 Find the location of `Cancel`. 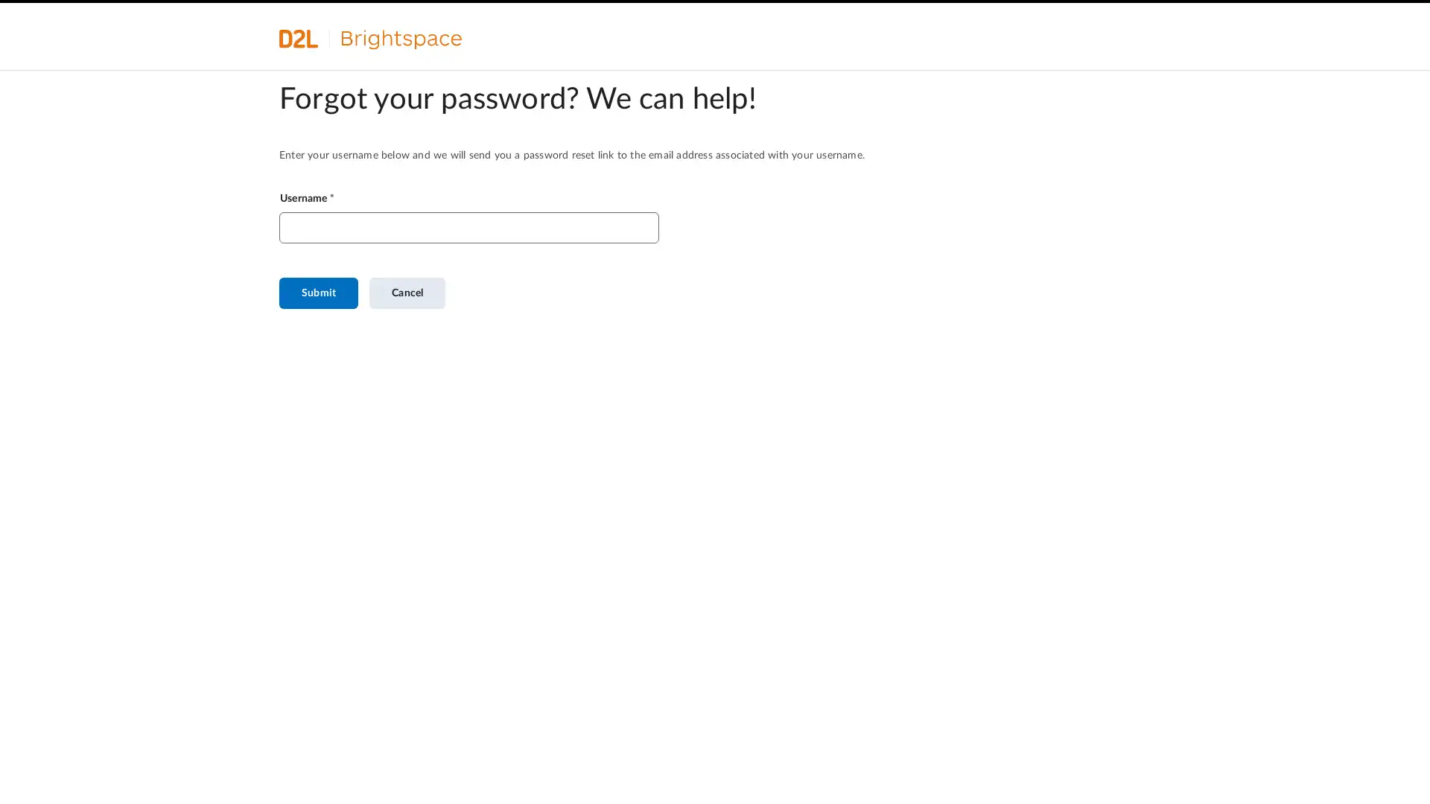

Cancel is located at coordinates (407, 293).